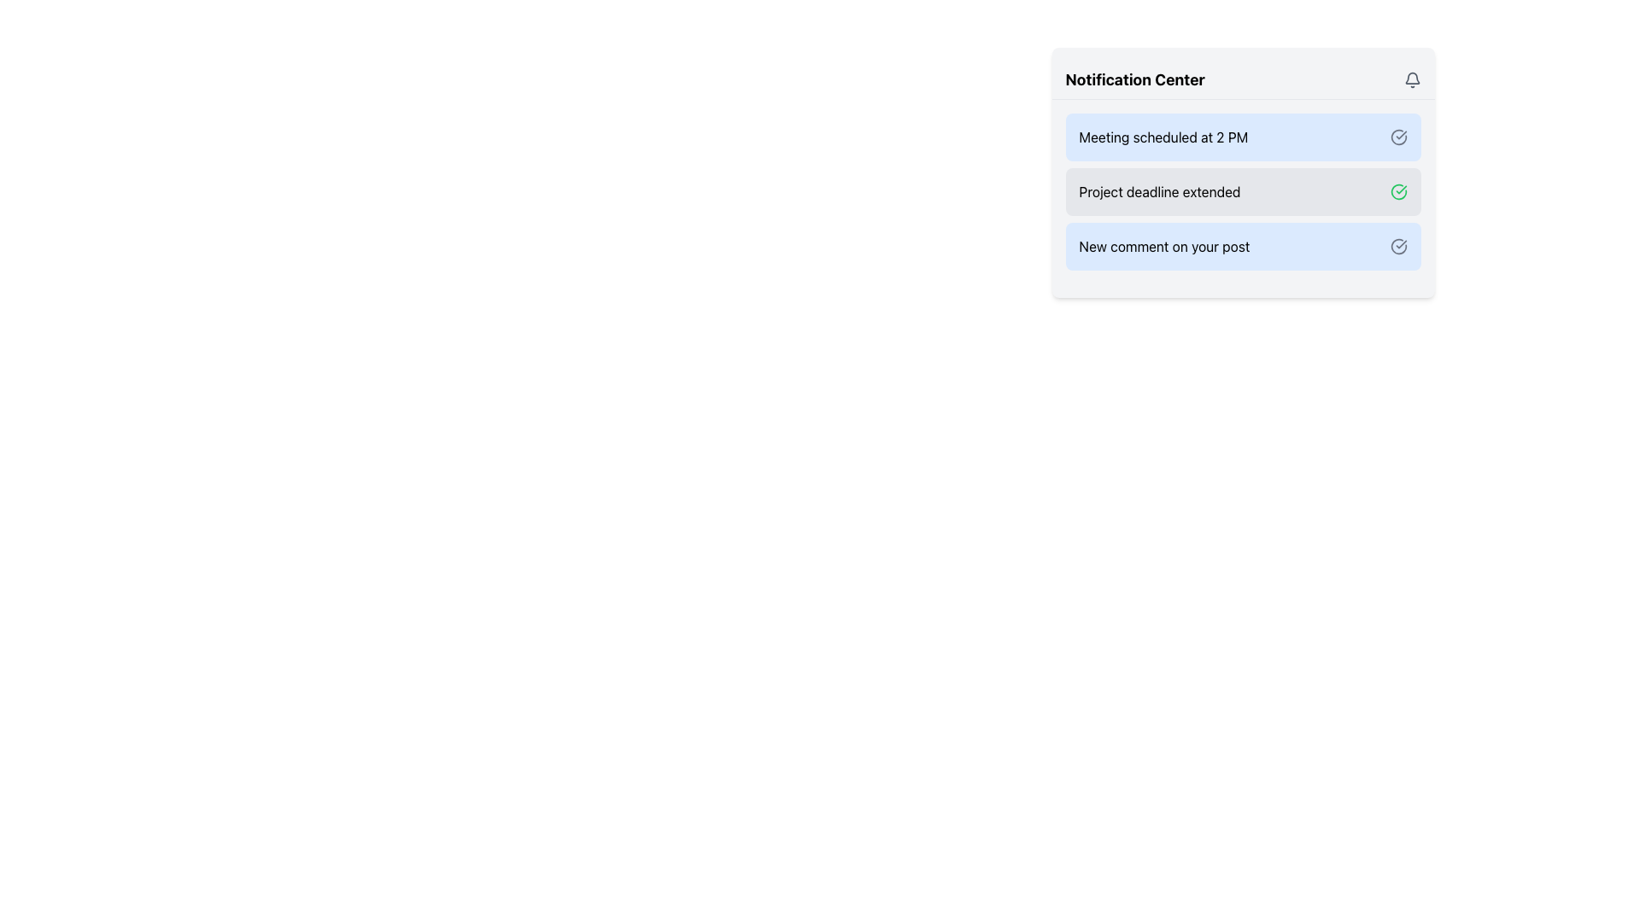 This screenshot has width=1640, height=922. I want to click on the static text label that displays information about a new comment on the user's post, which is the third entry in the notification list, below 'Project deadline extended', so click(1163, 247).